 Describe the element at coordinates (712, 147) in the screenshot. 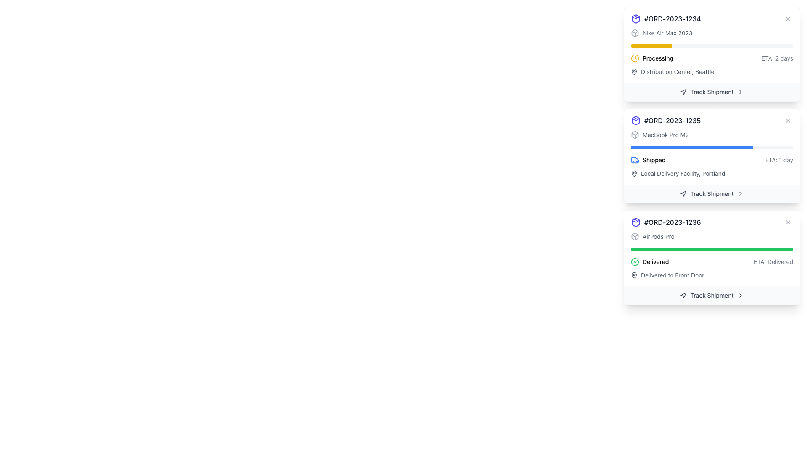

I see `properties of the progress bar representing the shipment progress for the order labeled '#ORD-2023-1235', located below the text 'MacBook Pro M2' and above 'Shipped' in the second shipment card` at that location.